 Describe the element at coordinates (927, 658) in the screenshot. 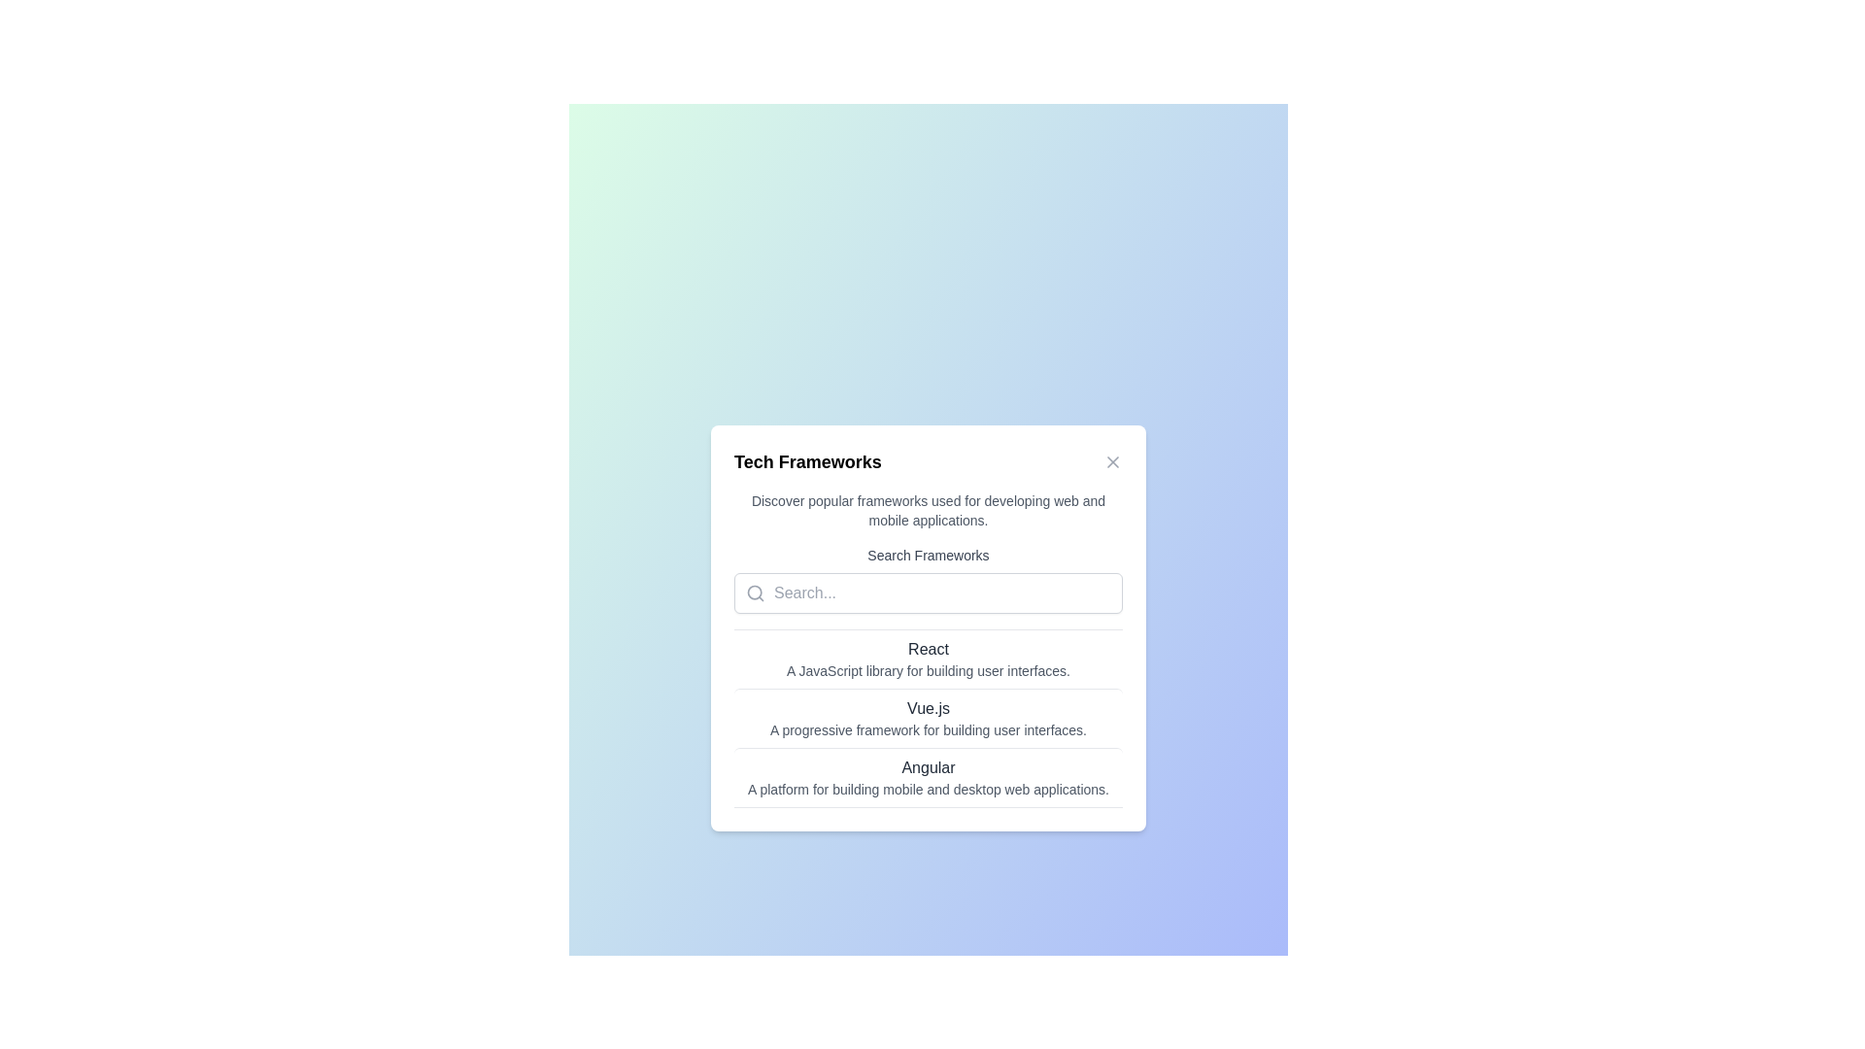

I see `text content of the Information block containing the title 'React' and the description 'A JavaScript library for building user interfaces.'` at that location.